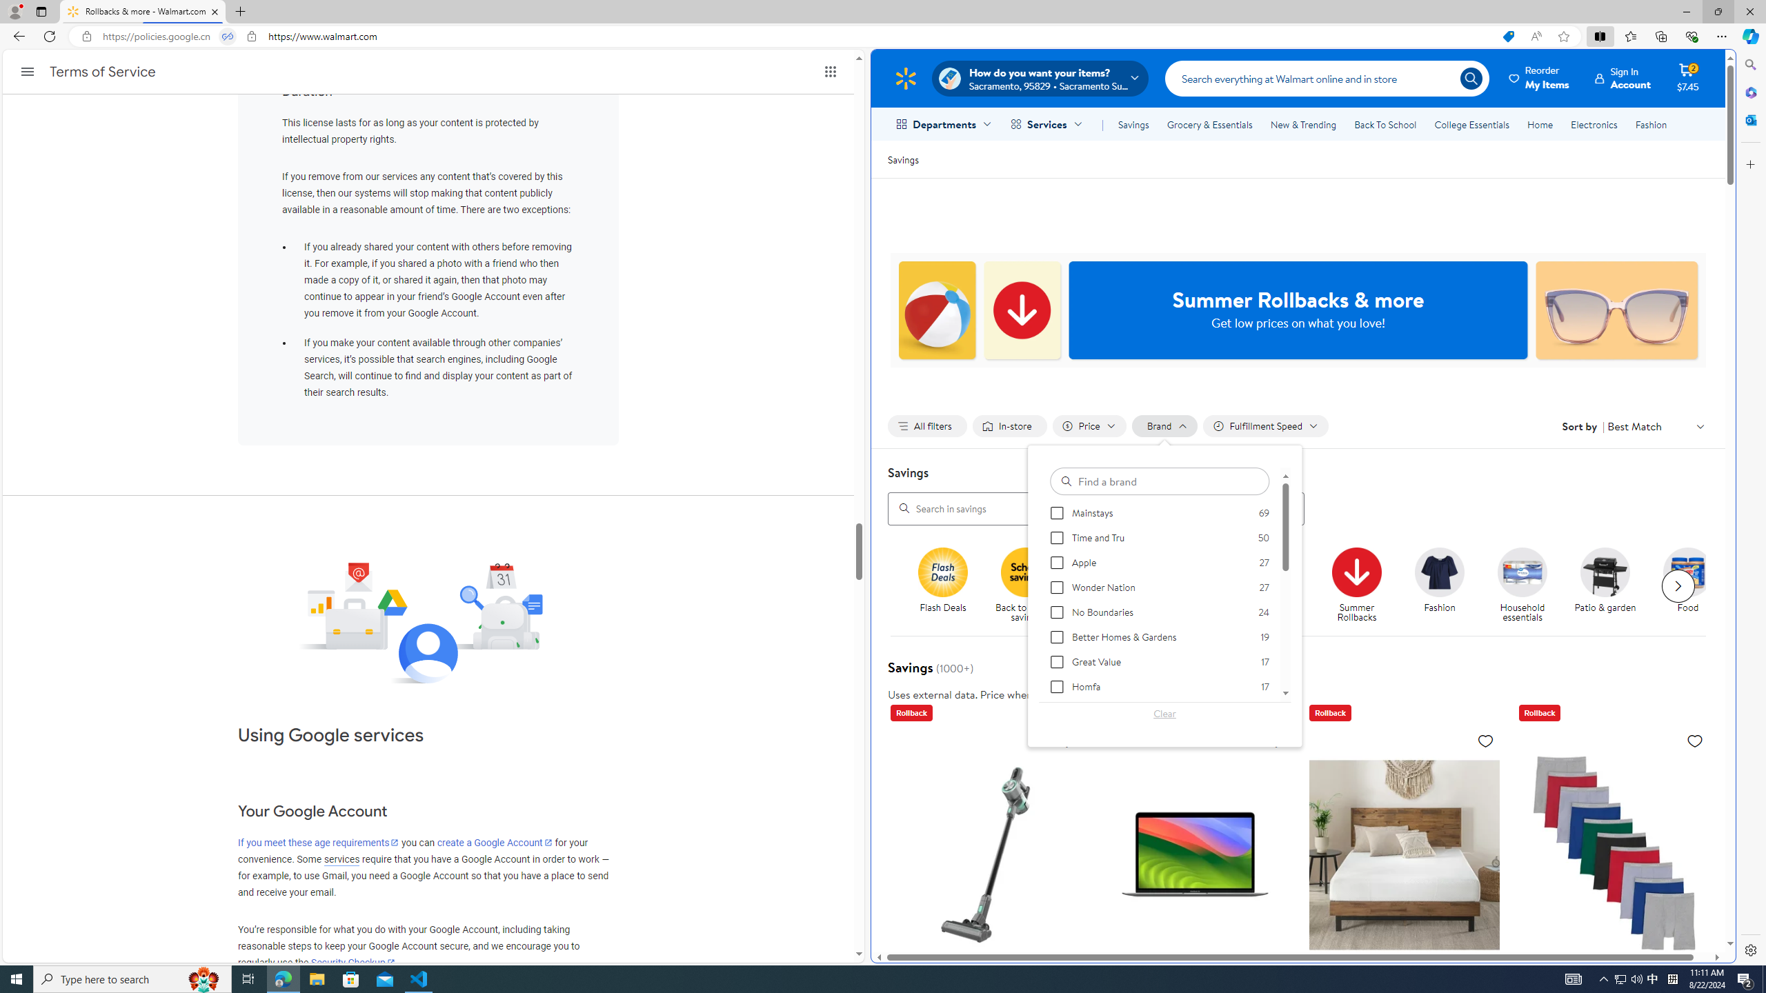  What do you see at coordinates (1539, 77) in the screenshot?
I see `'ReorderMy Items'` at bounding box center [1539, 77].